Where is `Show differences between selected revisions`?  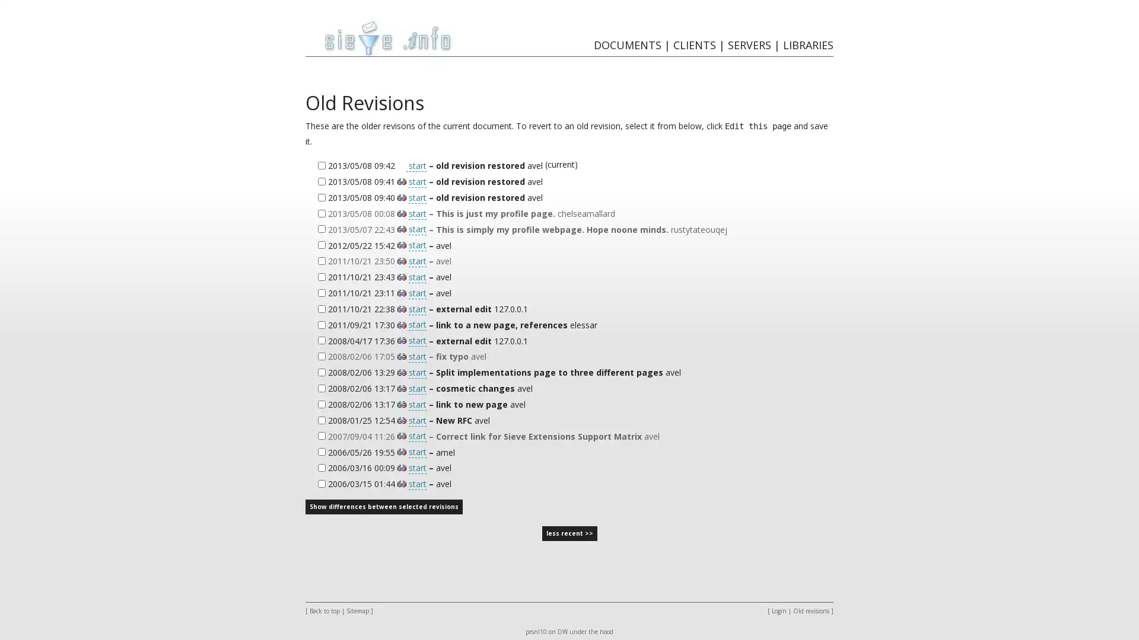 Show differences between selected revisions is located at coordinates (384, 507).